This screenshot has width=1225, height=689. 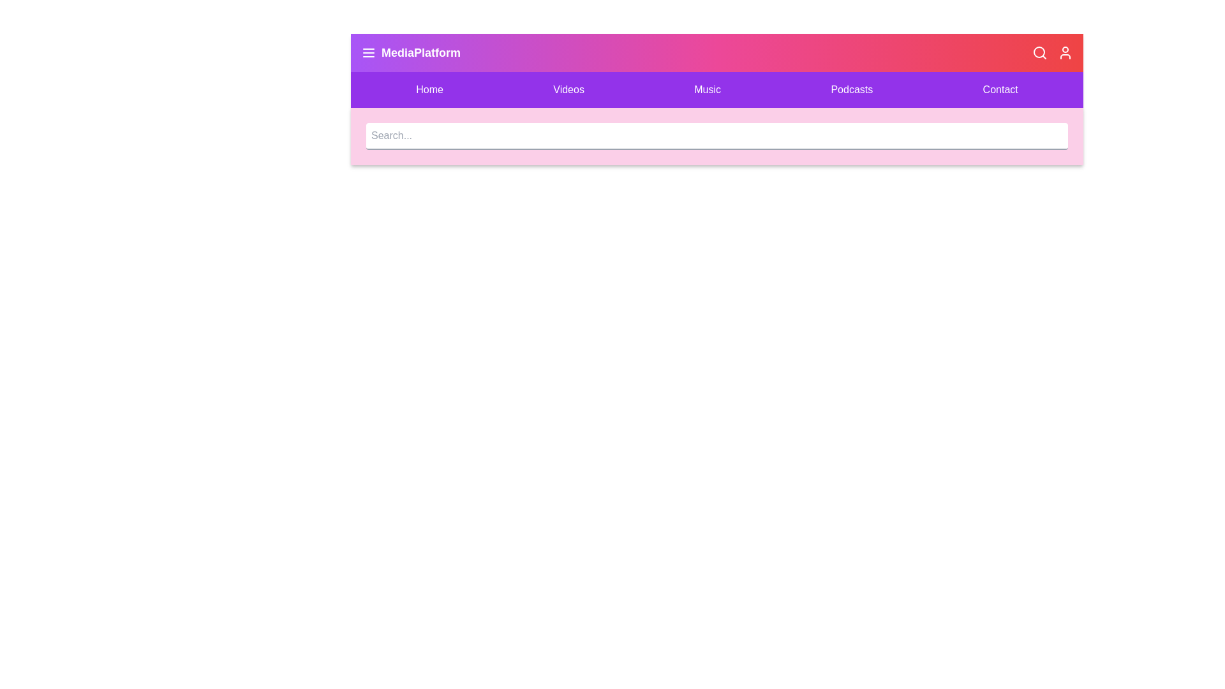 What do you see at coordinates (1040, 52) in the screenshot?
I see `the search icon to toggle the search bar visibility` at bounding box center [1040, 52].